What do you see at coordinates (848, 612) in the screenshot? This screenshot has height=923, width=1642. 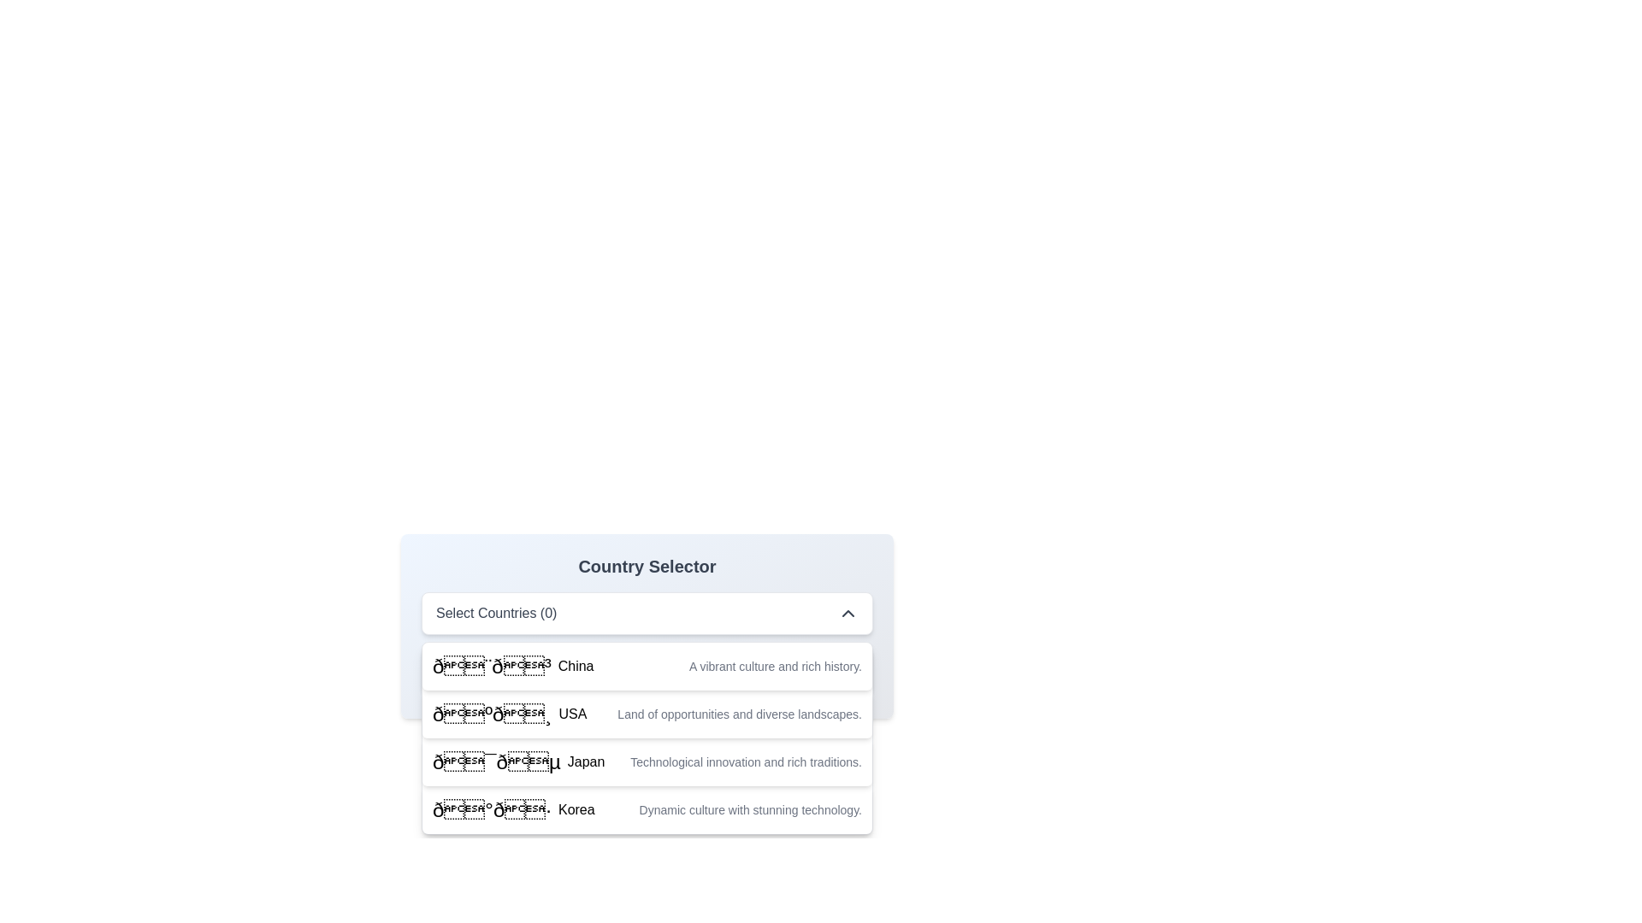 I see `the chevron icon located at the top-right corner of the 'Select Countries (0)' panel` at bounding box center [848, 612].